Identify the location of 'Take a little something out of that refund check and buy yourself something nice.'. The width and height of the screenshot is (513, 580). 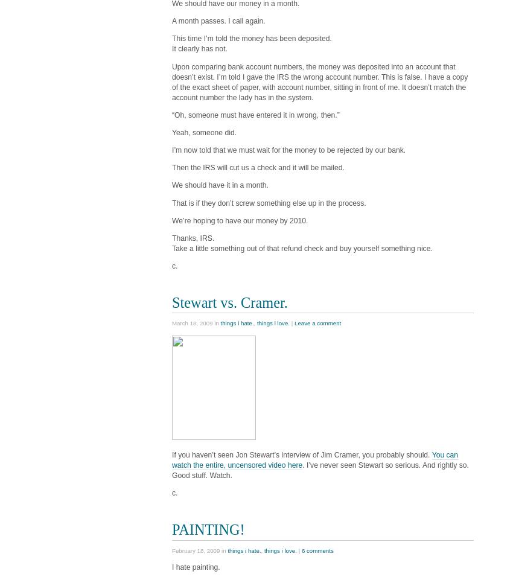
(302, 248).